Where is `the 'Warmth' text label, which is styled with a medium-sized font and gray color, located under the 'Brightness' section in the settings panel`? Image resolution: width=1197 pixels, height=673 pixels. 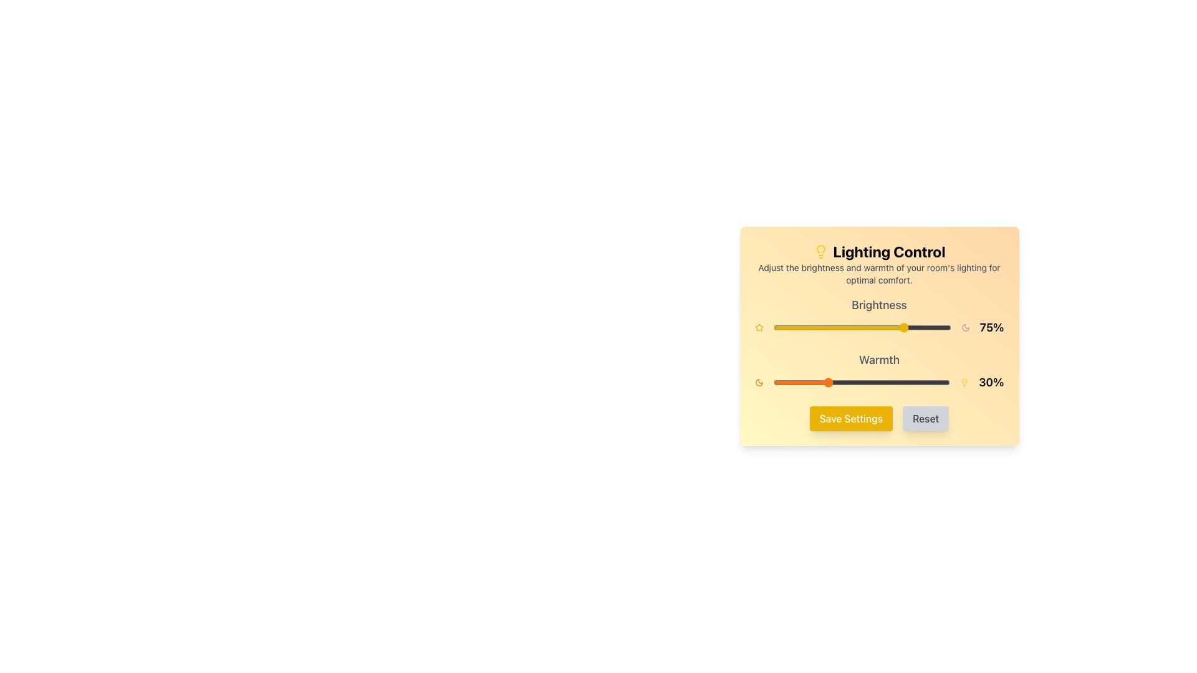
the 'Warmth' text label, which is styled with a medium-sized font and gray color, located under the 'Brightness' section in the settings panel is located at coordinates (878, 360).